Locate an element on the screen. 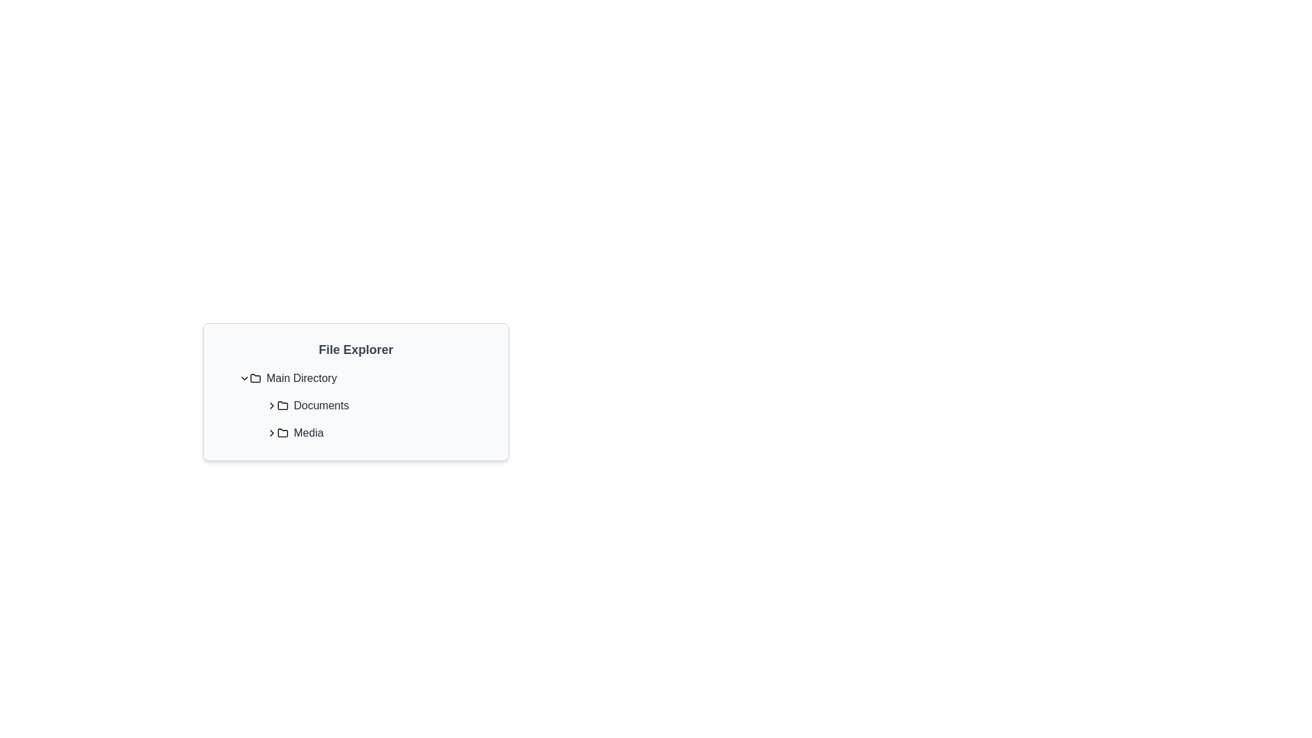  the 'Documents' folder item in the directory navigation interface is located at coordinates (374, 405).